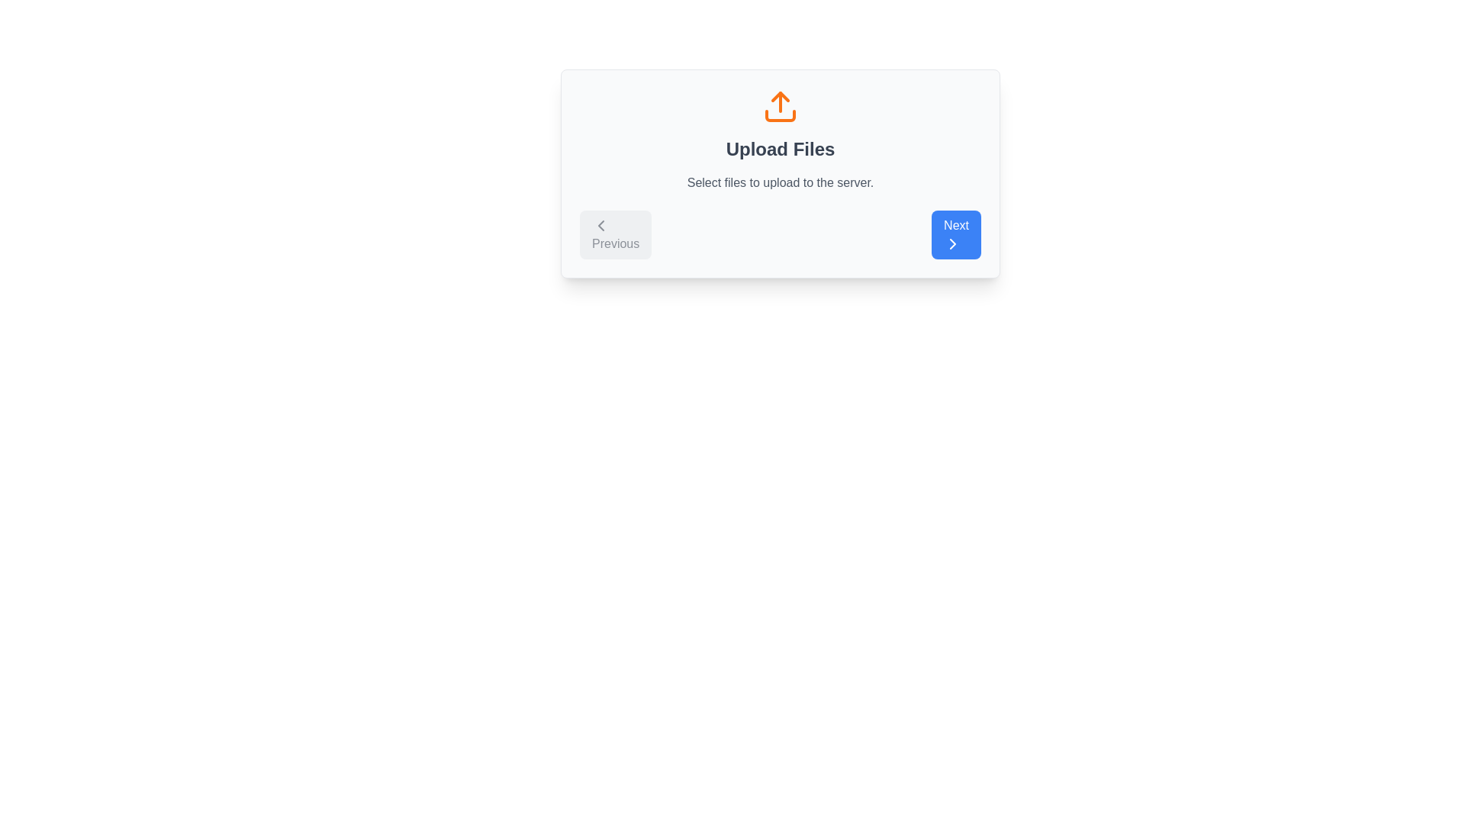 This screenshot has width=1465, height=824. What do you see at coordinates (780, 105) in the screenshot?
I see `the upload files icon, which is visually represented at the top of the card, above the text 'Upload Files.'` at bounding box center [780, 105].